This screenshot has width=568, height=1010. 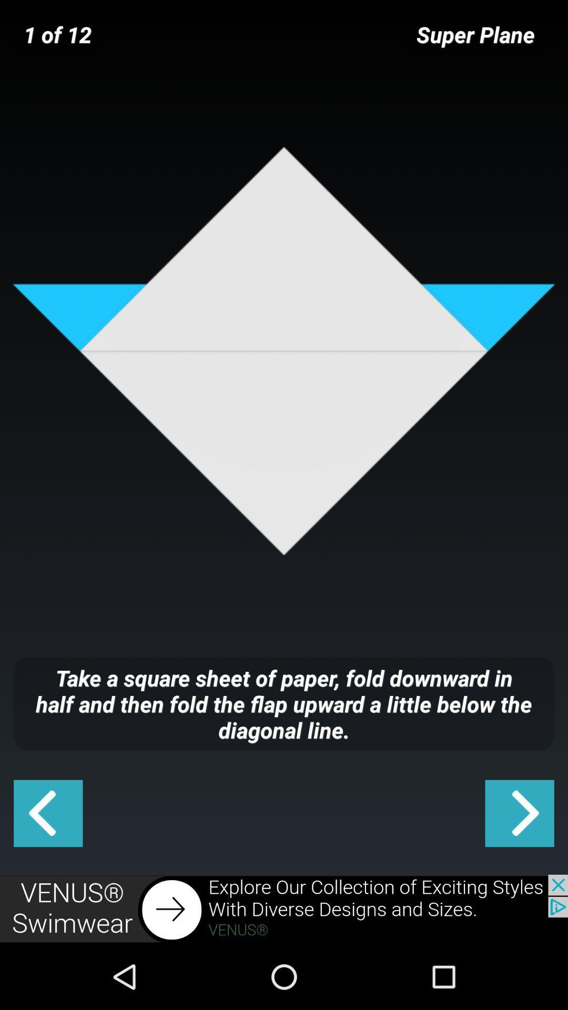 I want to click on the arrow_forward icon, so click(x=519, y=871).